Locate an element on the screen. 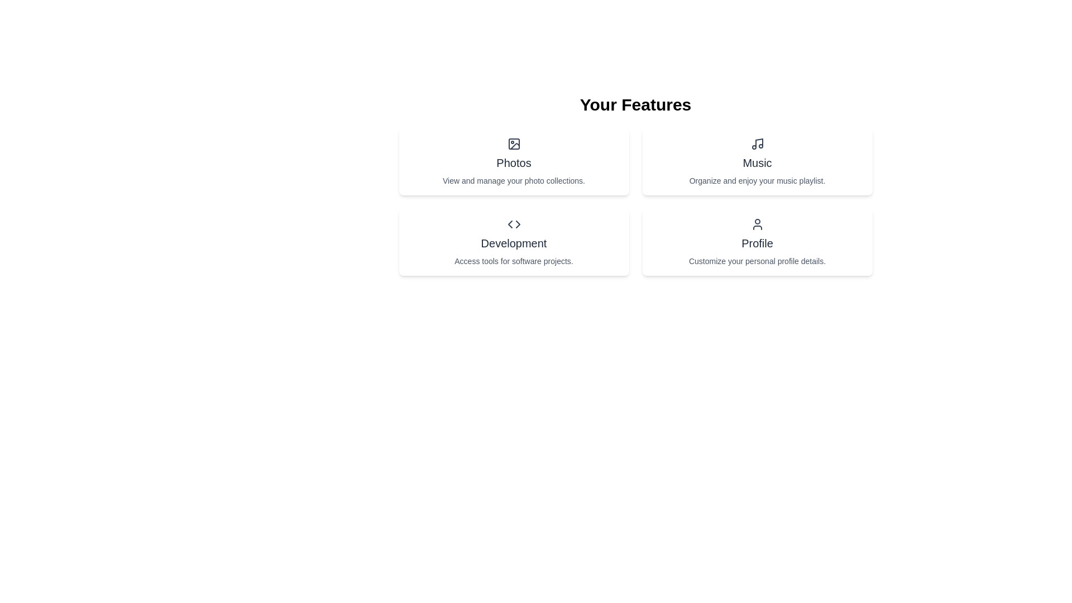 The image size is (1072, 603). the user profile icon located at the top center of the 'Profile' section card, above the text 'Profile' is located at coordinates (757, 224).